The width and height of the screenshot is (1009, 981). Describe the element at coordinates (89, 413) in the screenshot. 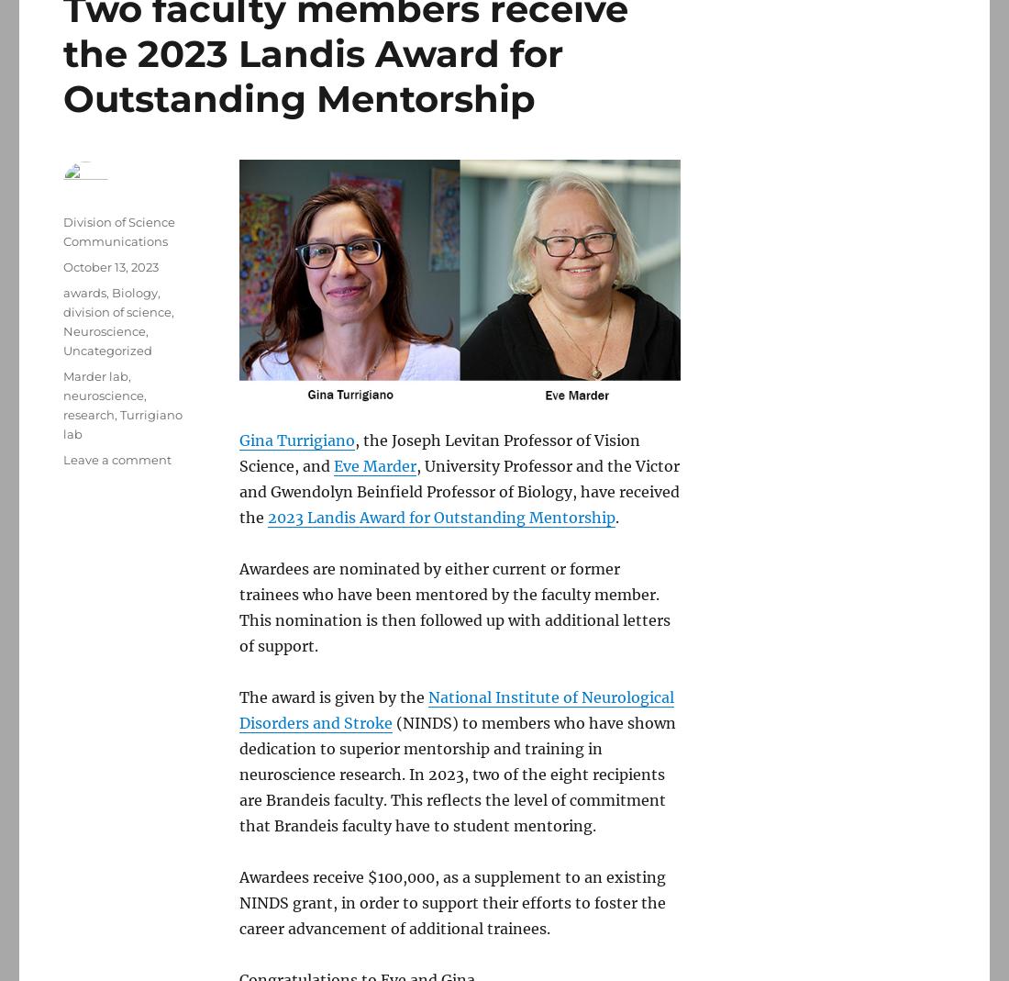

I see `'research'` at that location.